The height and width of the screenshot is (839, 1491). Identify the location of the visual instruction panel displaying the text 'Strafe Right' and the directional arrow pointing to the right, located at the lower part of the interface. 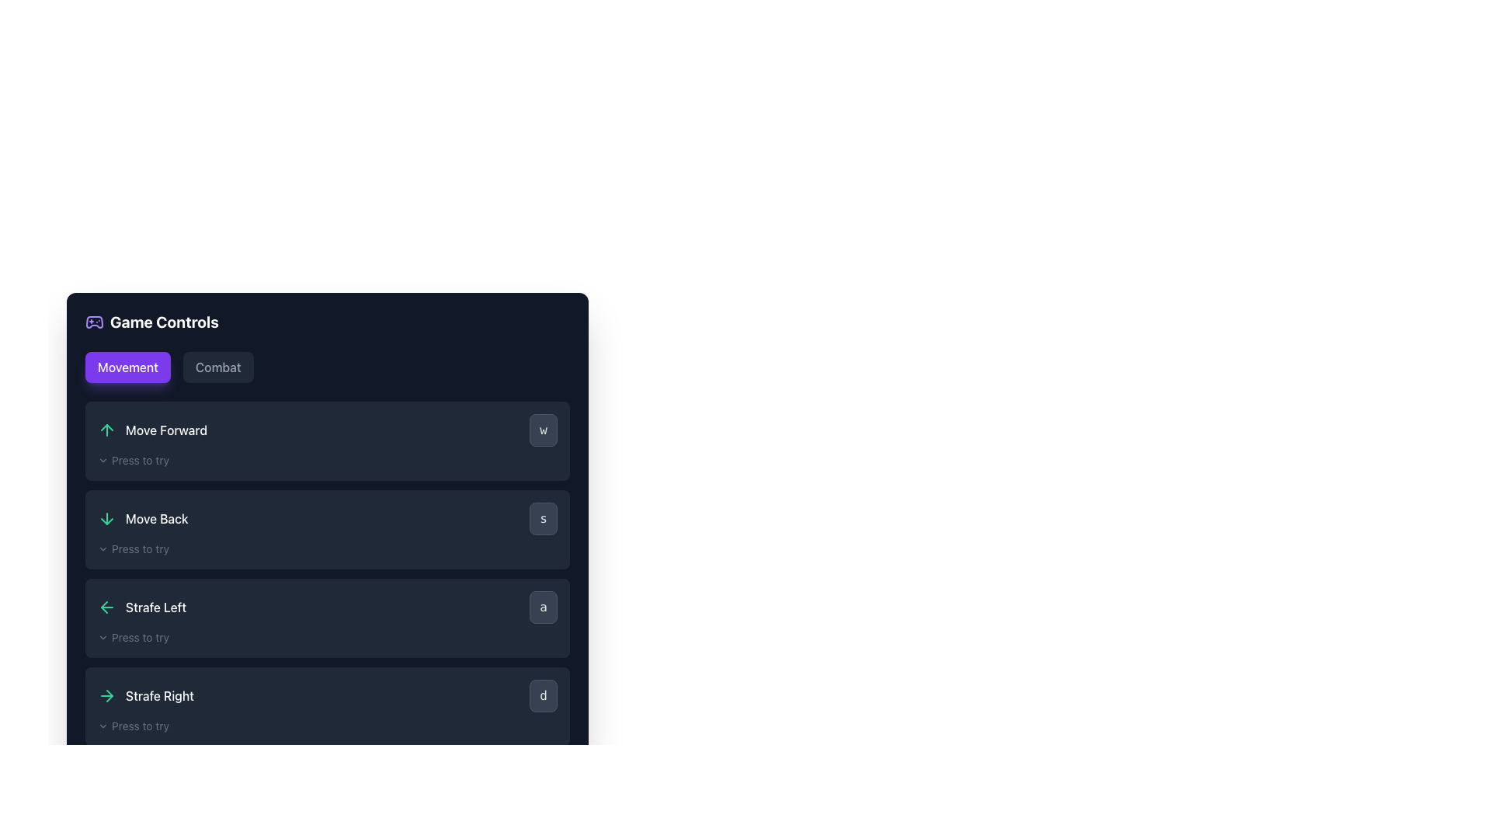
(327, 695).